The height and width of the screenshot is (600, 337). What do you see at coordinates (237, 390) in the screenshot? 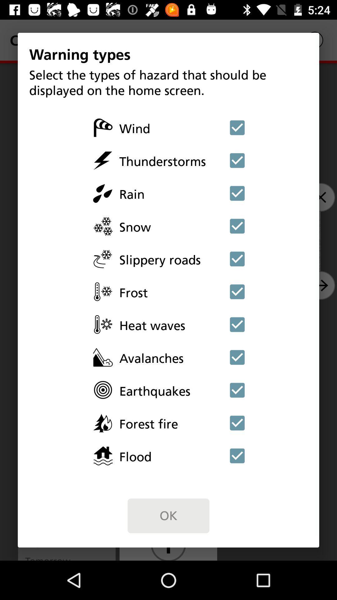
I see `earthquakes check box` at bounding box center [237, 390].